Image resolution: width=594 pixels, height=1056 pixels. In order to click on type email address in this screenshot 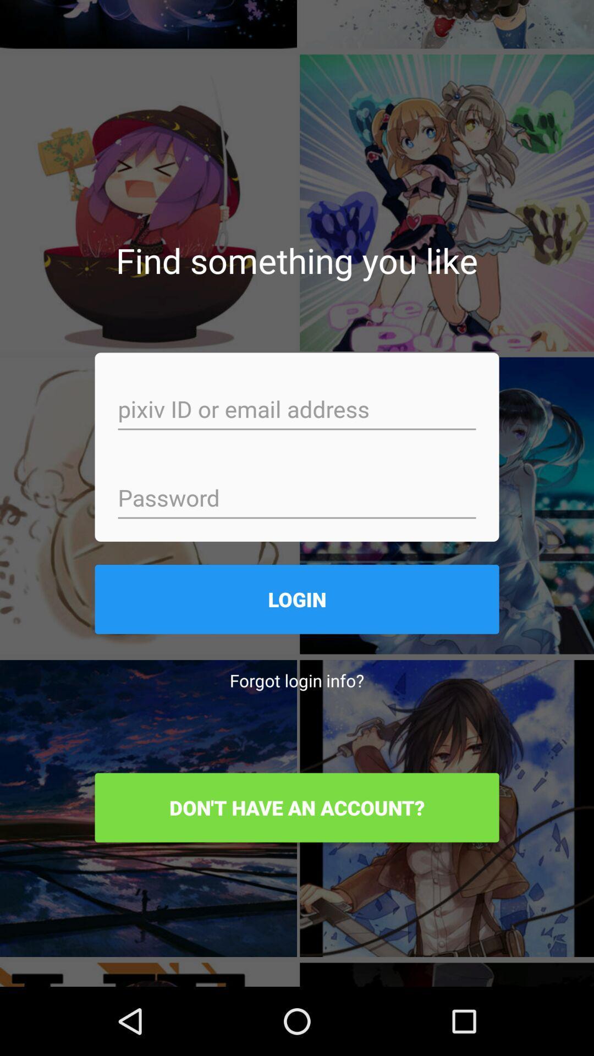, I will do `click(297, 410)`.